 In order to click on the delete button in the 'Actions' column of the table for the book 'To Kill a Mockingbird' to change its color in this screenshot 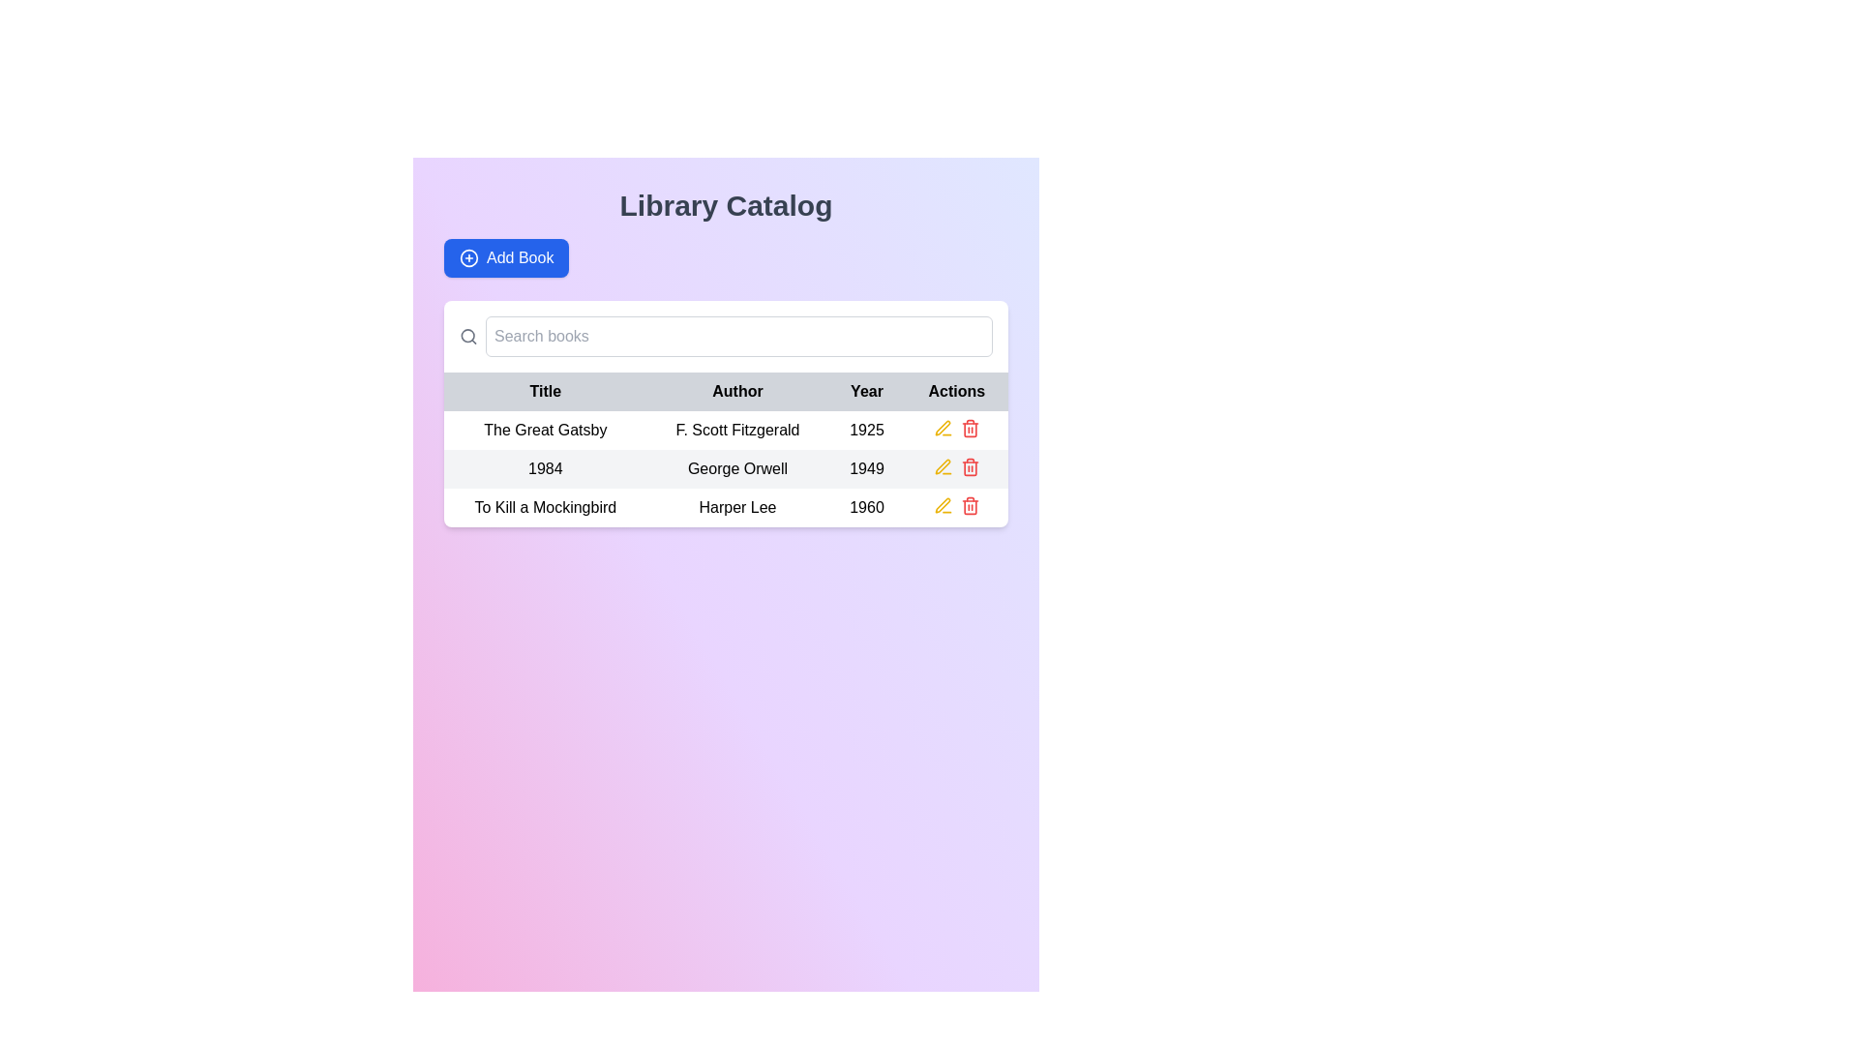, I will do `click(970, 466)`.